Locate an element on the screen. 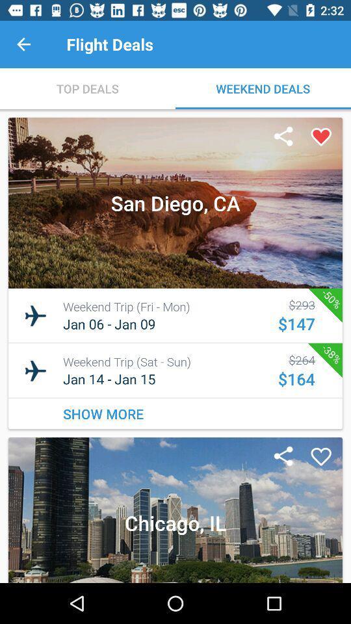  share link is located at coordinates (283, 457).